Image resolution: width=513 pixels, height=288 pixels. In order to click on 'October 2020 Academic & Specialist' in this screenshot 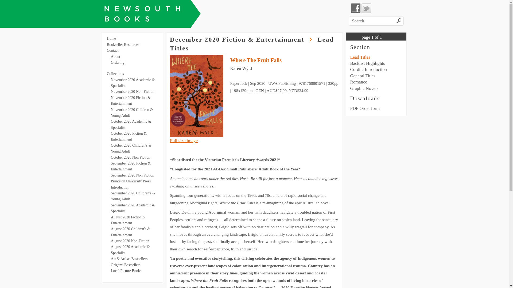, I will do `click(131, 124)`.